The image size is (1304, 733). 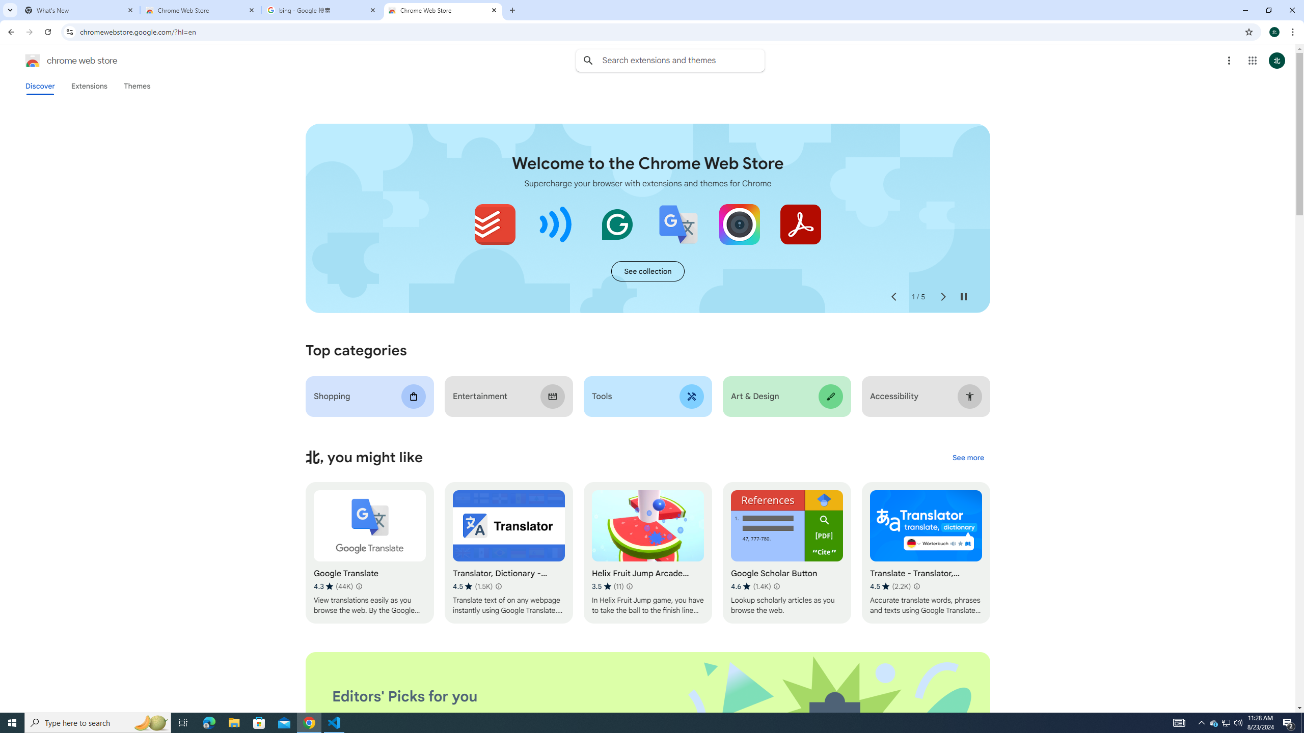 What do you see at coordinates (201, 10) in the screenshot?
I see `'Chrome Web Store'` at bounding box center [201, 10].